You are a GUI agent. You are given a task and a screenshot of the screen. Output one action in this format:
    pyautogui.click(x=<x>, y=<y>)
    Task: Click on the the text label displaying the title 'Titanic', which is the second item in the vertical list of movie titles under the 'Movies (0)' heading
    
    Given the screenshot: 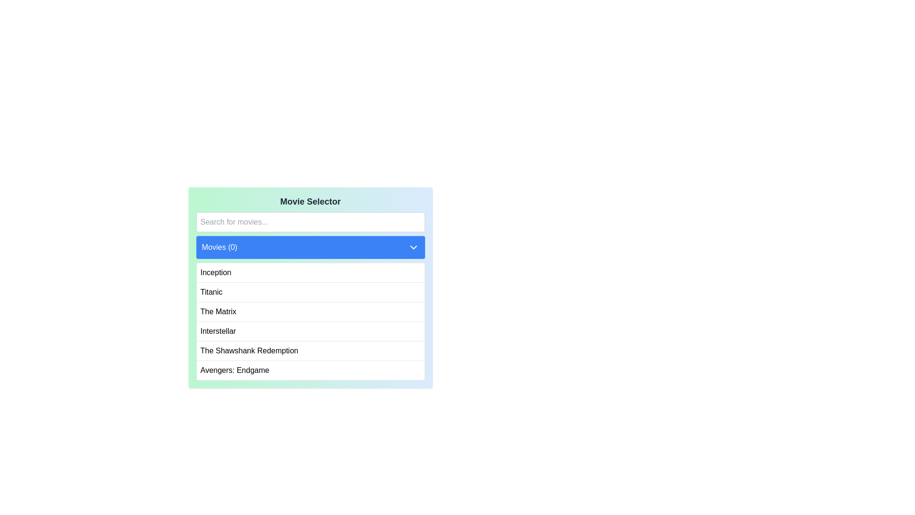 What is the action you would take?
    pyautogui.click(x=211, y=292)
    